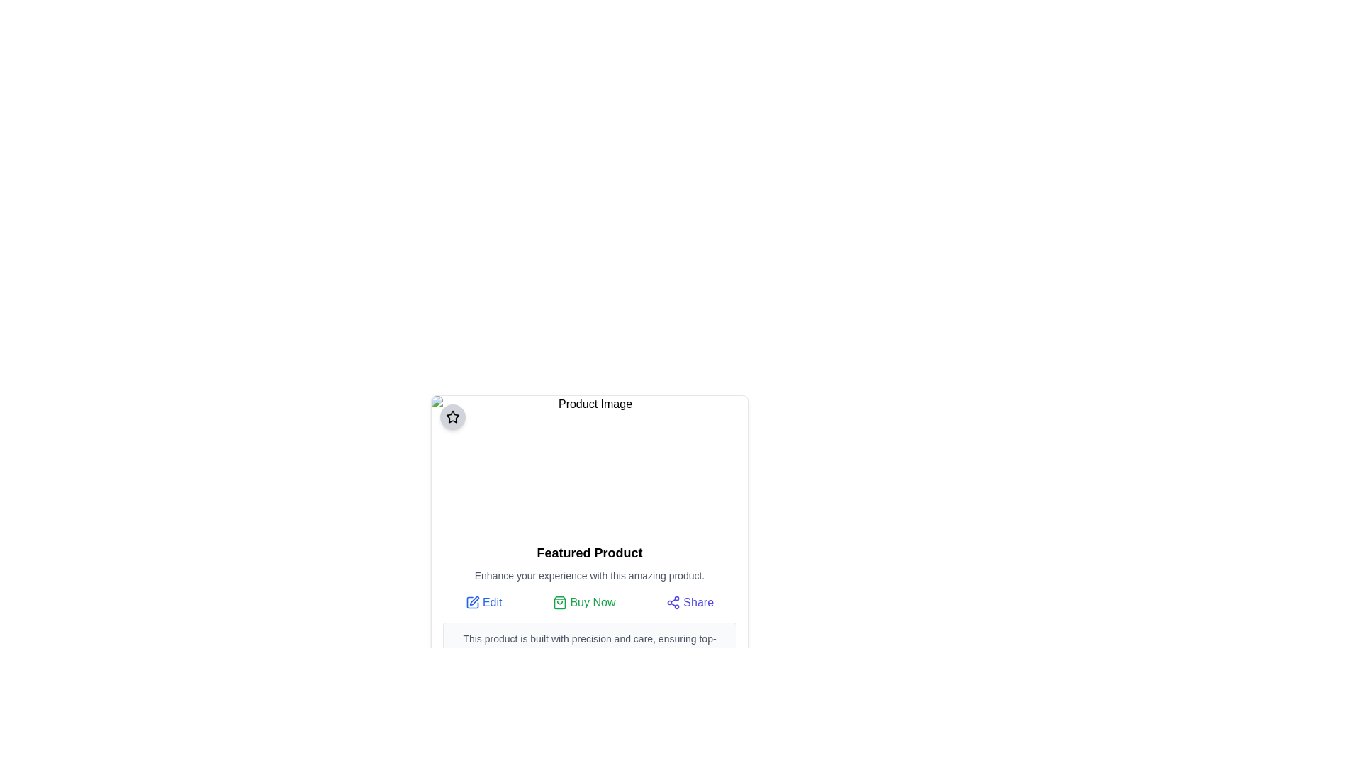 This screenshot has width=1361, height=765. What do you see at coordinates (690, 603) in the screenshot?
I see `the 'Share' button, which features a share icon with three interconnected circular nodes and the text 'Share' in indigo` at bounding box center [690, 603].